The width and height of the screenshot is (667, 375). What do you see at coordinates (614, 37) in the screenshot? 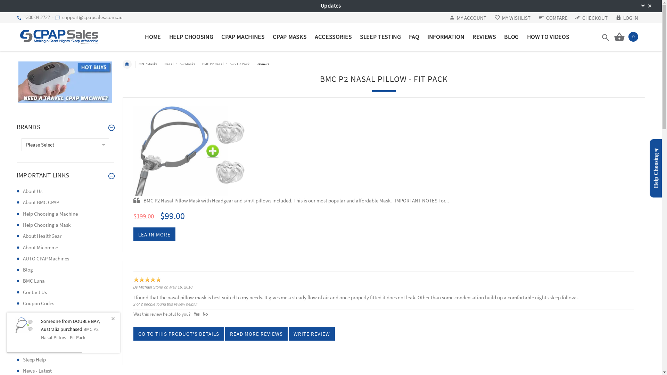
I see `'0'` at bounding box center [614, 37].